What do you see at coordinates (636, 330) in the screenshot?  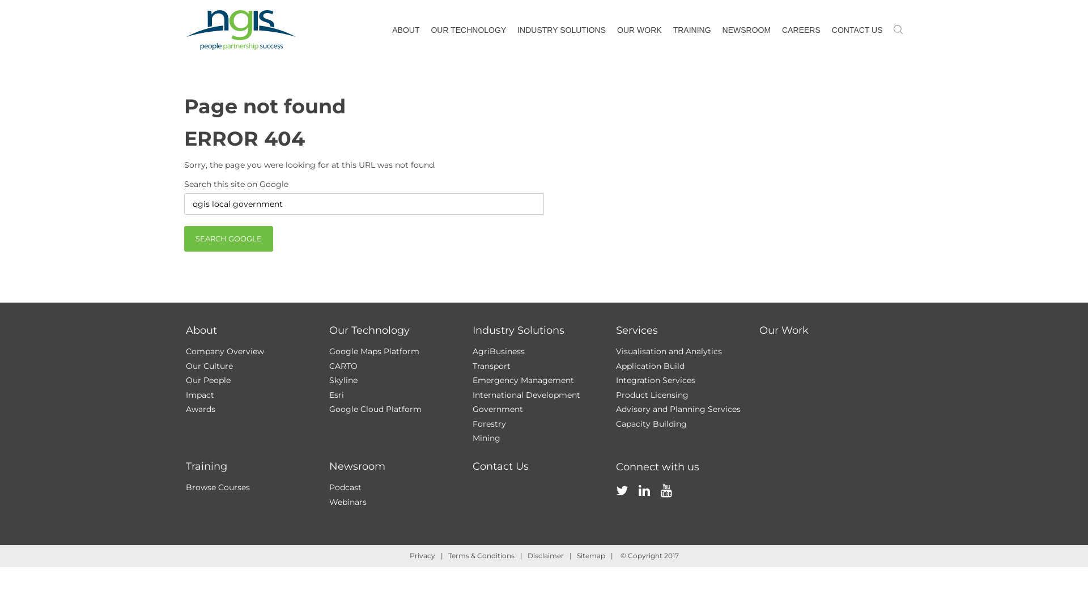 I see `'Services'` at bounding box center [636, 330].